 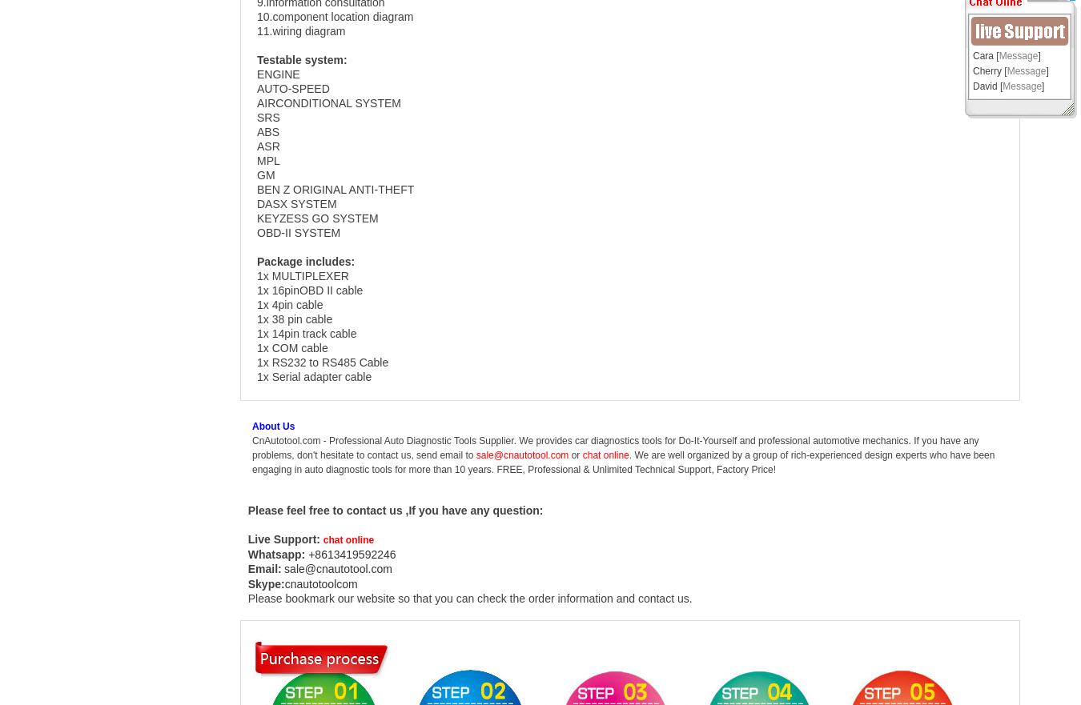 I want to click on '11.wiring diagram', so click(x=300, y=31).